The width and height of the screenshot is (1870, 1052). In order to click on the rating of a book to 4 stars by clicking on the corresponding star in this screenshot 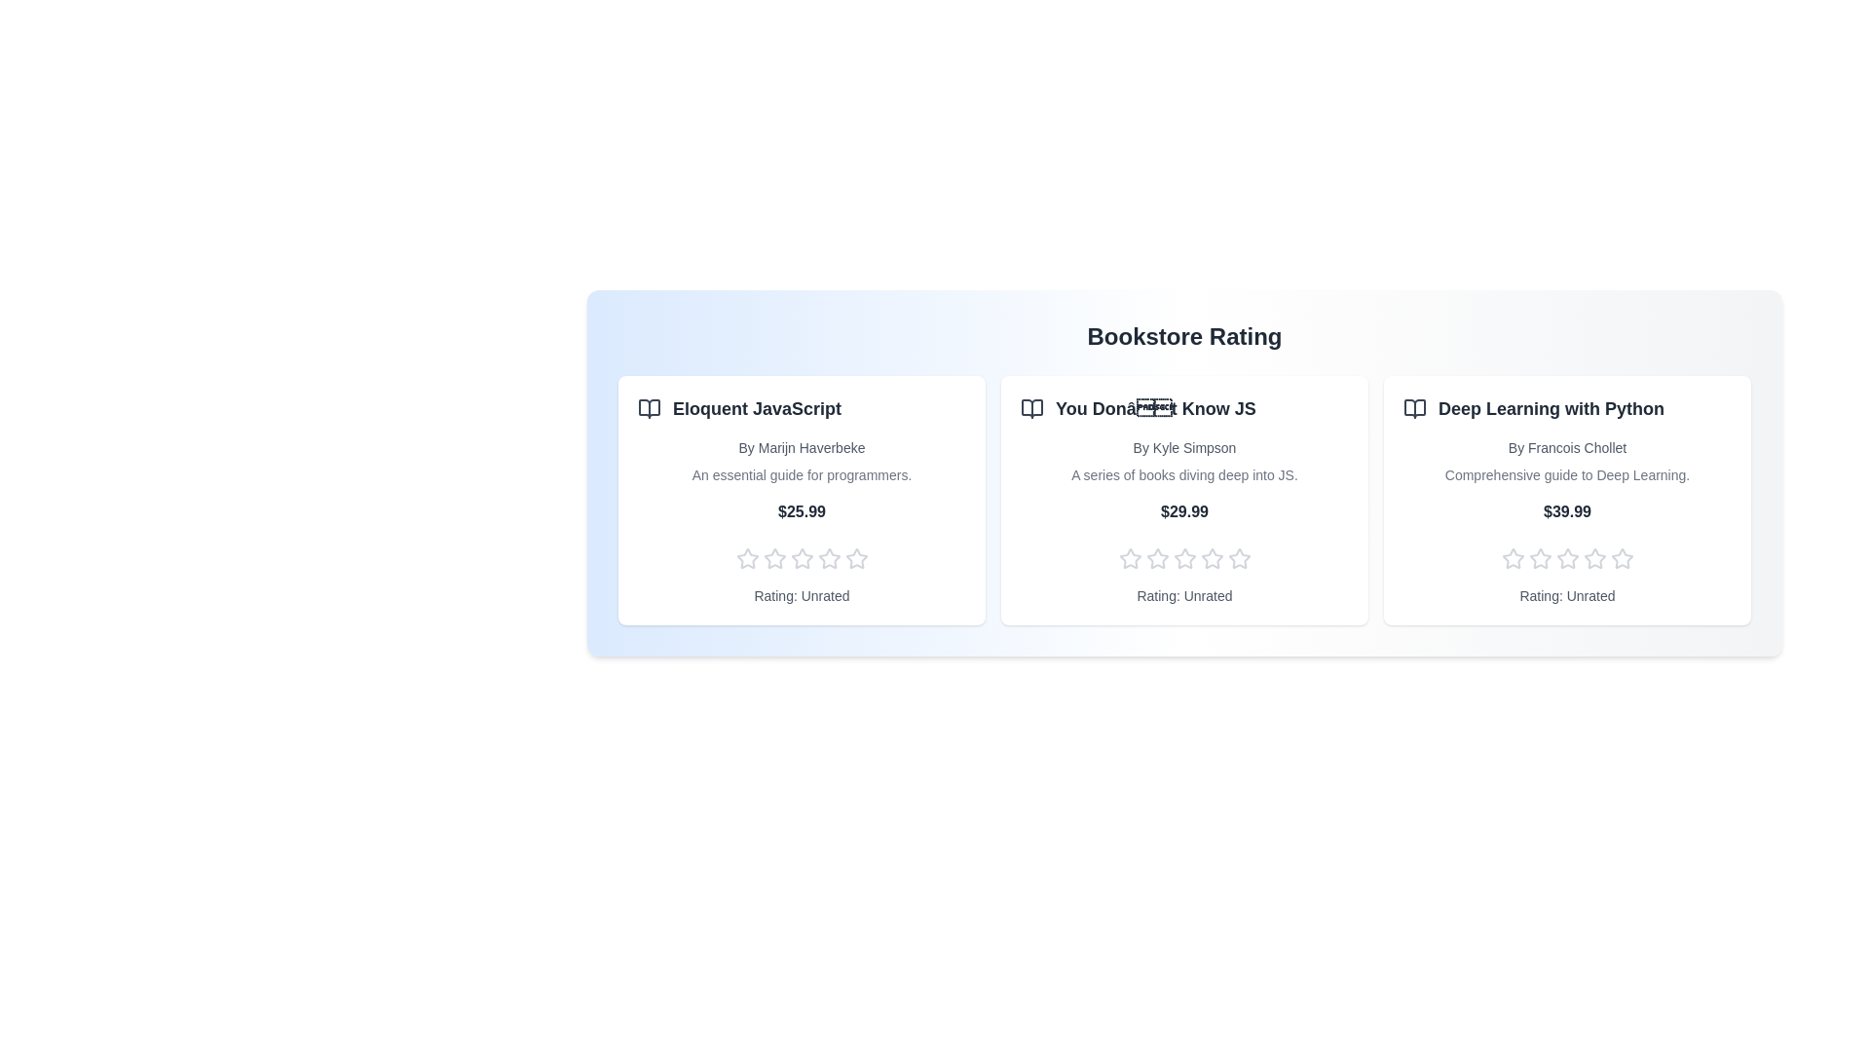, I will do `click(829, 559)`.